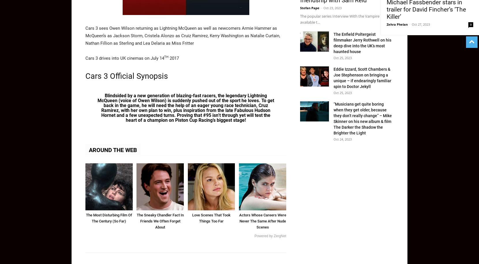 The image size is (479, 264). What do you see at coordinates (321, 8) in the screenshot?
I see `'-'` at bounding box center [321, 8].